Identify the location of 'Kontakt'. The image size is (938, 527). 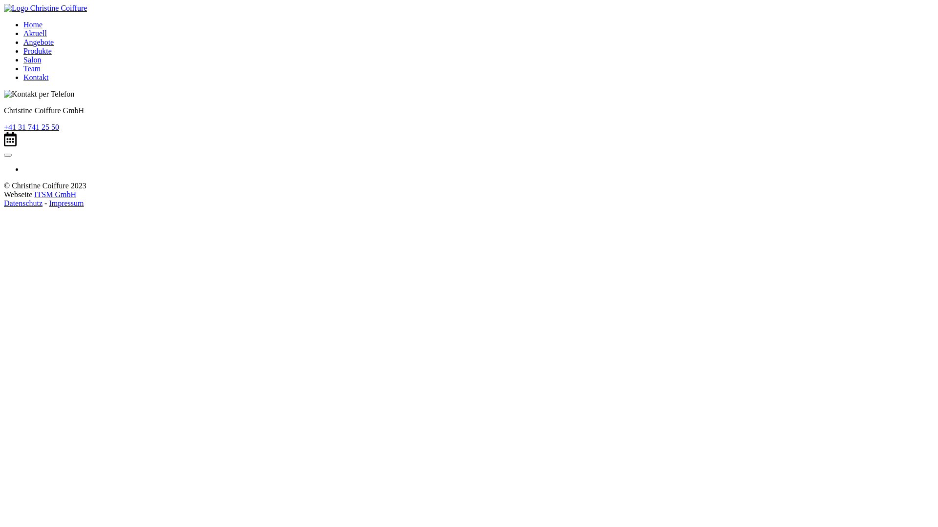
(23, 77).